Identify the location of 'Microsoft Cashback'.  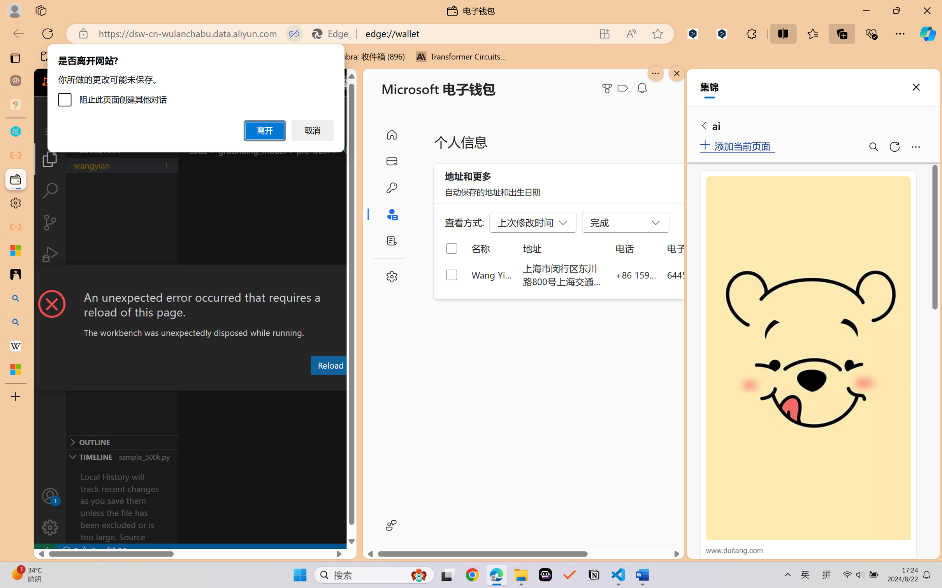
(624, 88).